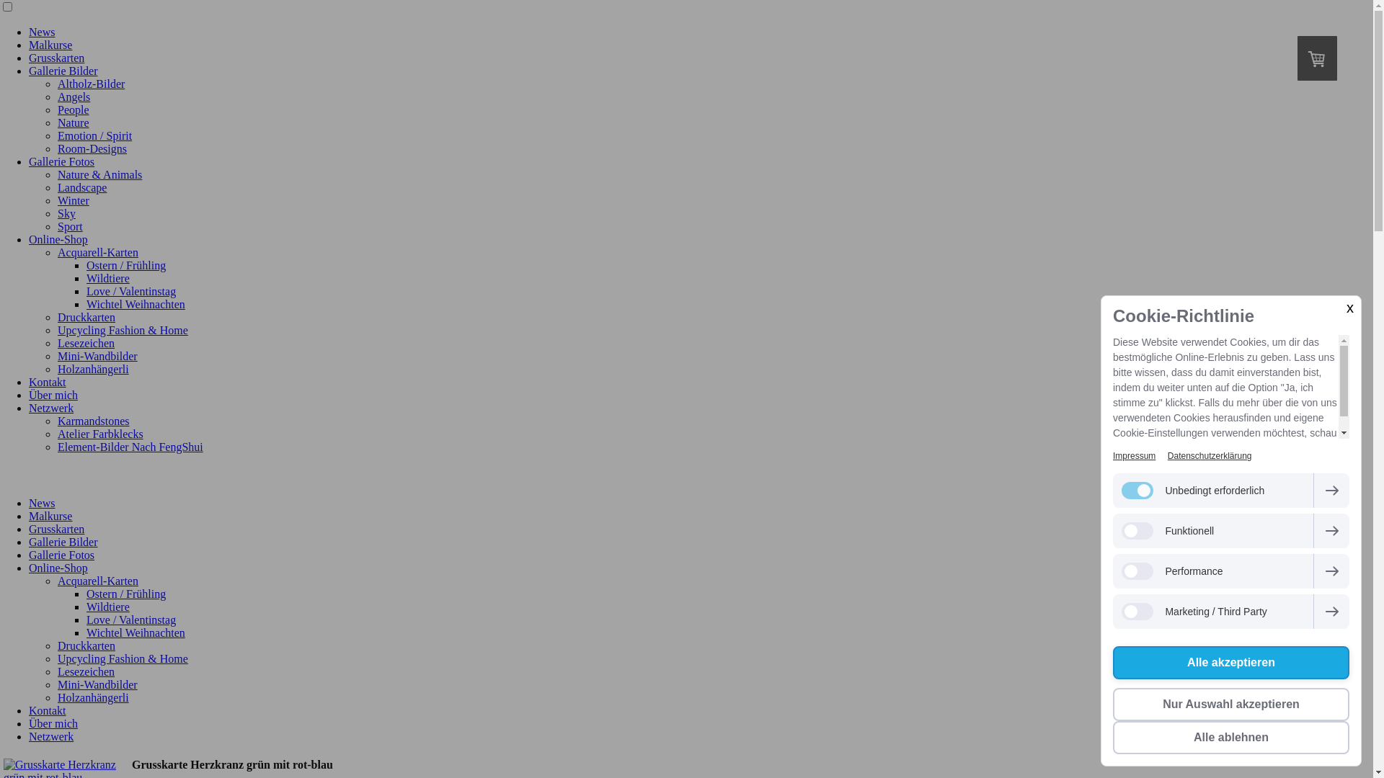 The image size is (1384, 778). What do you see at coordinates (85, 343) in the screenshot?
I see `'Lesezeichen'` at bounding box center [85, 343].